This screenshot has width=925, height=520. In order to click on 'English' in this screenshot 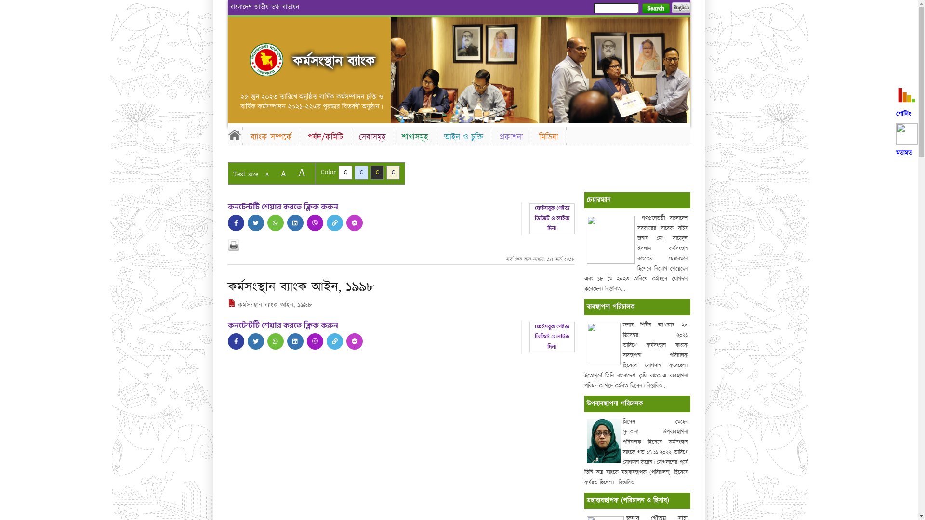, I will do `click(680, 7)`.